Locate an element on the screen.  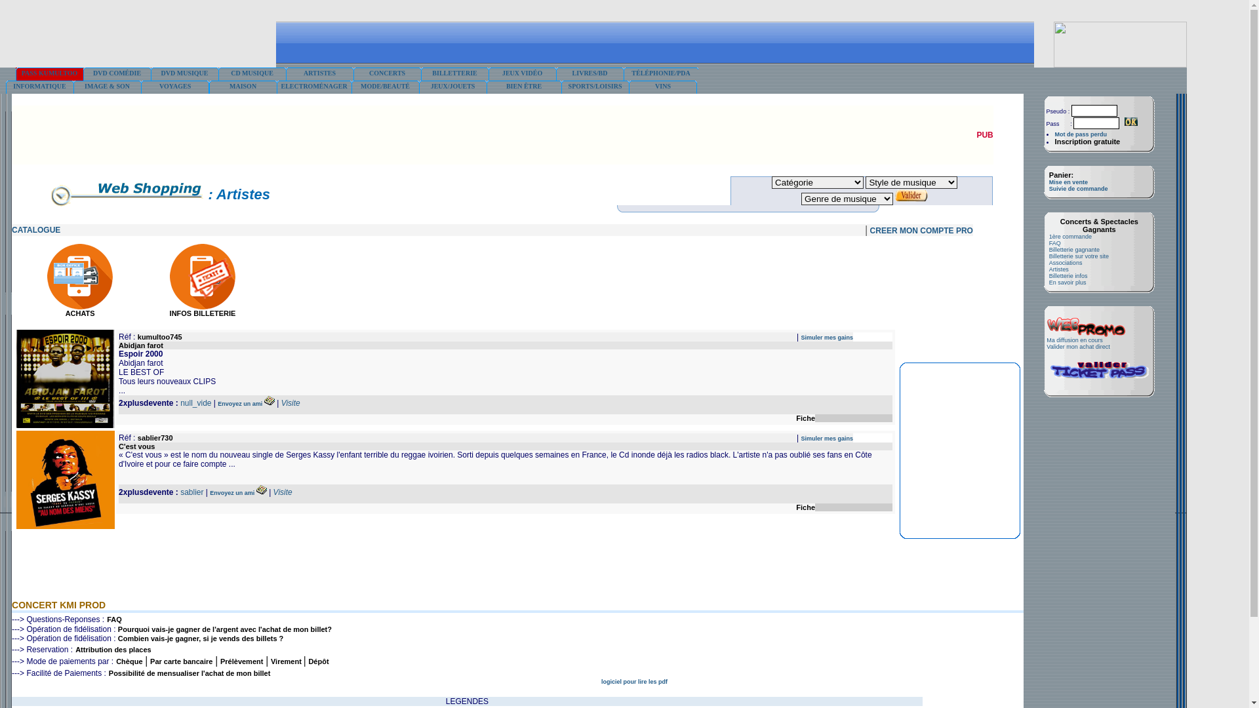
'Virement' is located at coordinates (286, 661).